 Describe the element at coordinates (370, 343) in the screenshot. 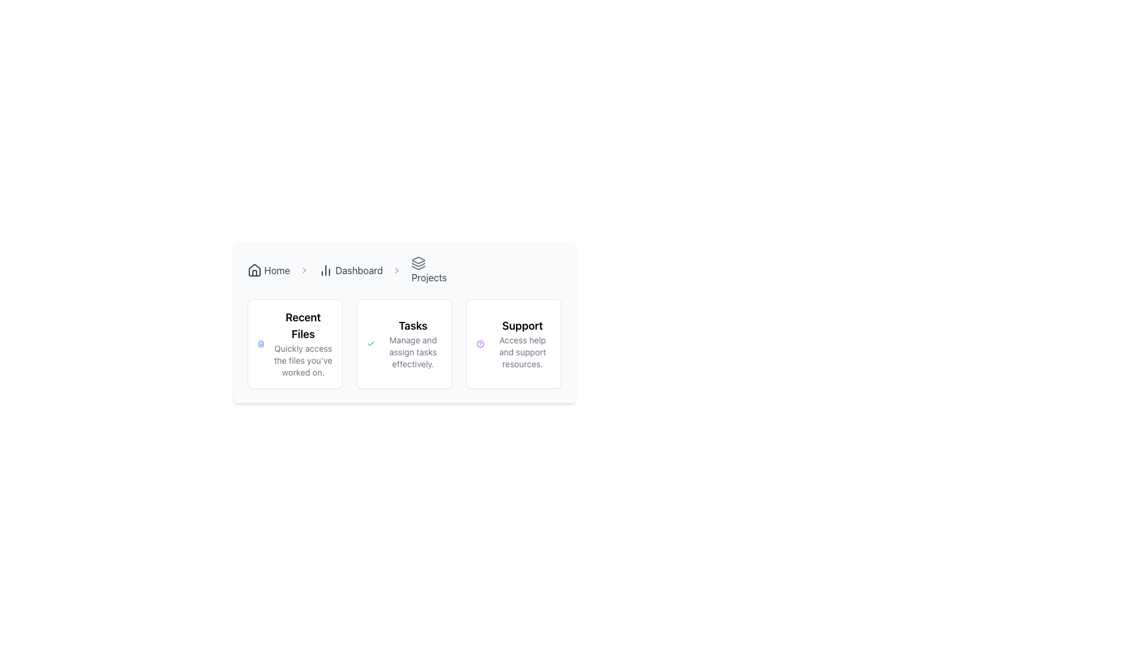

I see `the Checkmark icon that visually represents the completion of tasks in the 'Tasks' card` at that location.